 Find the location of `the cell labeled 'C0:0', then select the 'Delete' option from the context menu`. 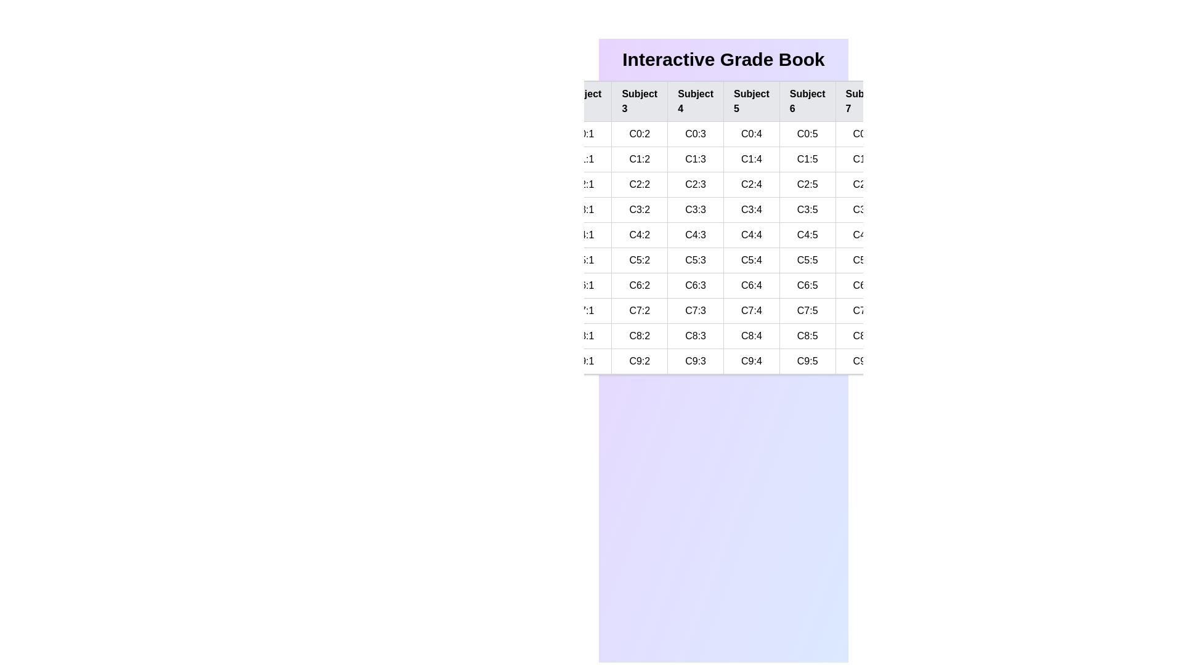

the cell labeled 'C0:0', then select the 'Delete' option from the context menu is located at coordinates (527, 134).